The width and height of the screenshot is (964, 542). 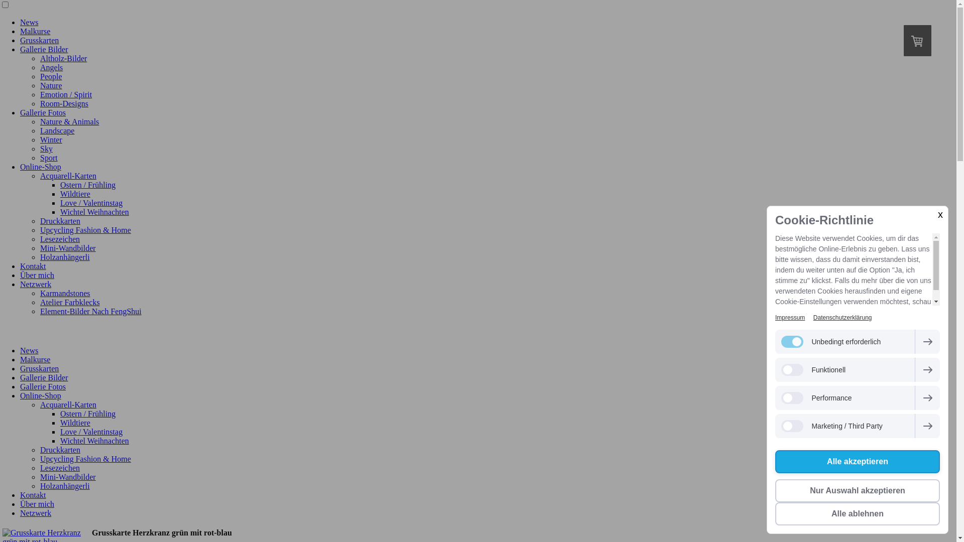 What do you see at coordinates (57, 130) in the screenshot?
I see `'Landscape'` at bounding box center [57, 130].